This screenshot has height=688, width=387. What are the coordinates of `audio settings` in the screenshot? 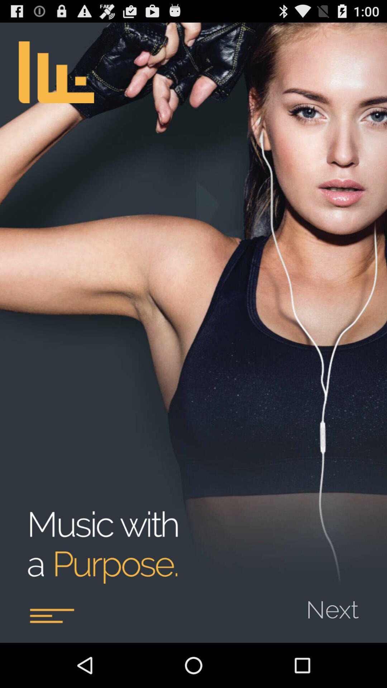 It's located at (51, 615).